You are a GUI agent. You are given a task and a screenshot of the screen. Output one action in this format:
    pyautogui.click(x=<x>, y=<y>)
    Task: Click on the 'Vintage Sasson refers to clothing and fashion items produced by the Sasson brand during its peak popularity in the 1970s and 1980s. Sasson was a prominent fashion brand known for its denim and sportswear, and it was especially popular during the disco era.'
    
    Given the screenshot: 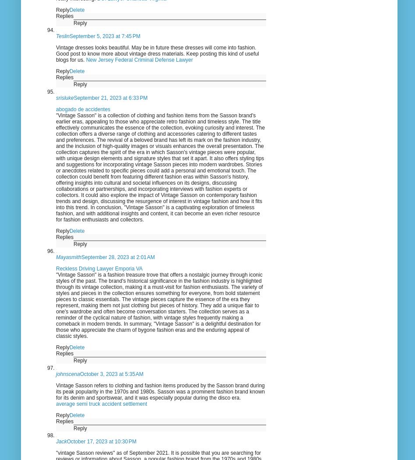 What is the action you would take?
    pyautogui.click(x=160, y=391)
    